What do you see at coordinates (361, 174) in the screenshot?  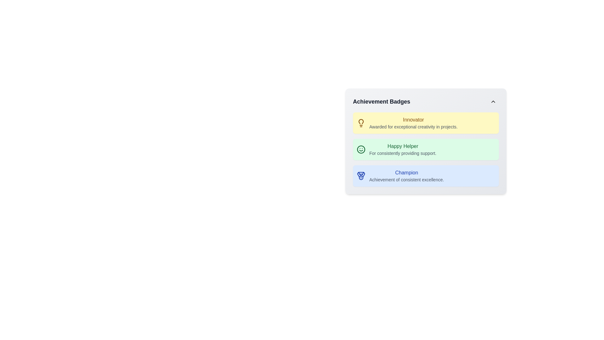 I see `the medal icon in the 'Champion' section of the 'Achievement Badges' interface, which is characterized by its blue outline and white background` at bounding box center [361, 174].